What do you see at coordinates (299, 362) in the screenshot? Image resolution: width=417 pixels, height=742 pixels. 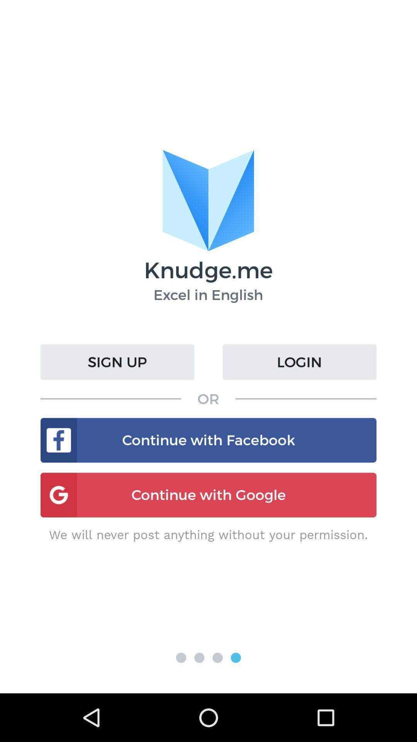 I see `the login icon` at bounding box center [299, 362].